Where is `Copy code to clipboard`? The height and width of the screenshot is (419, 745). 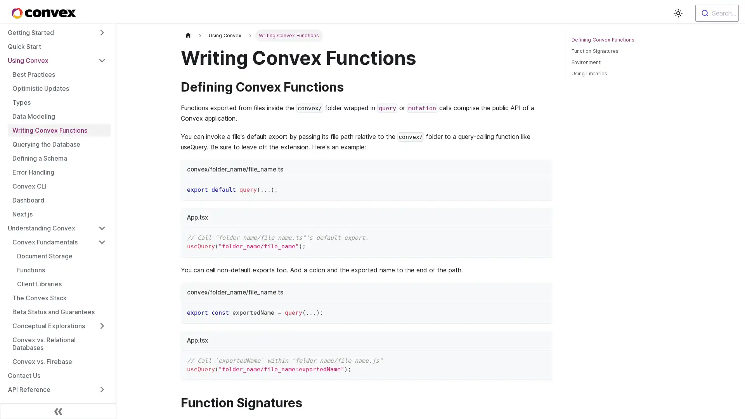
Copy code to clipboard is located at coordinates (542, 359).